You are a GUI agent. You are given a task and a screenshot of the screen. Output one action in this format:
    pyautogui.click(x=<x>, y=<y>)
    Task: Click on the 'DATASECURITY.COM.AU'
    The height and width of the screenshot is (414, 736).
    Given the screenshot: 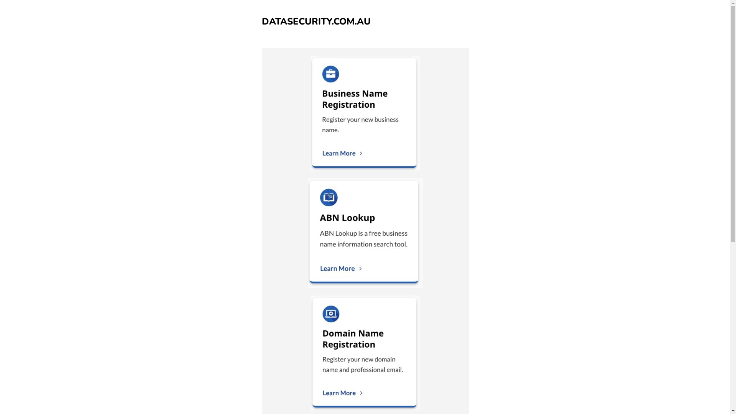 What is the action you would take?
    pyautogui.click(x=316, y=21)
    